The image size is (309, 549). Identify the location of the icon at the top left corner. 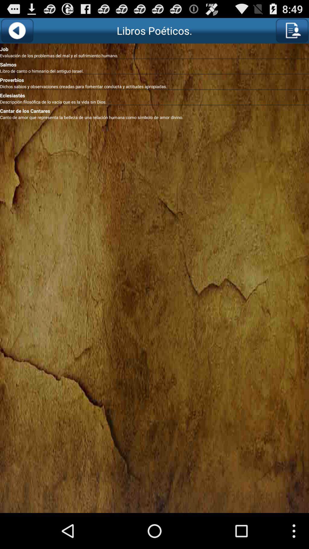
(17, 30).